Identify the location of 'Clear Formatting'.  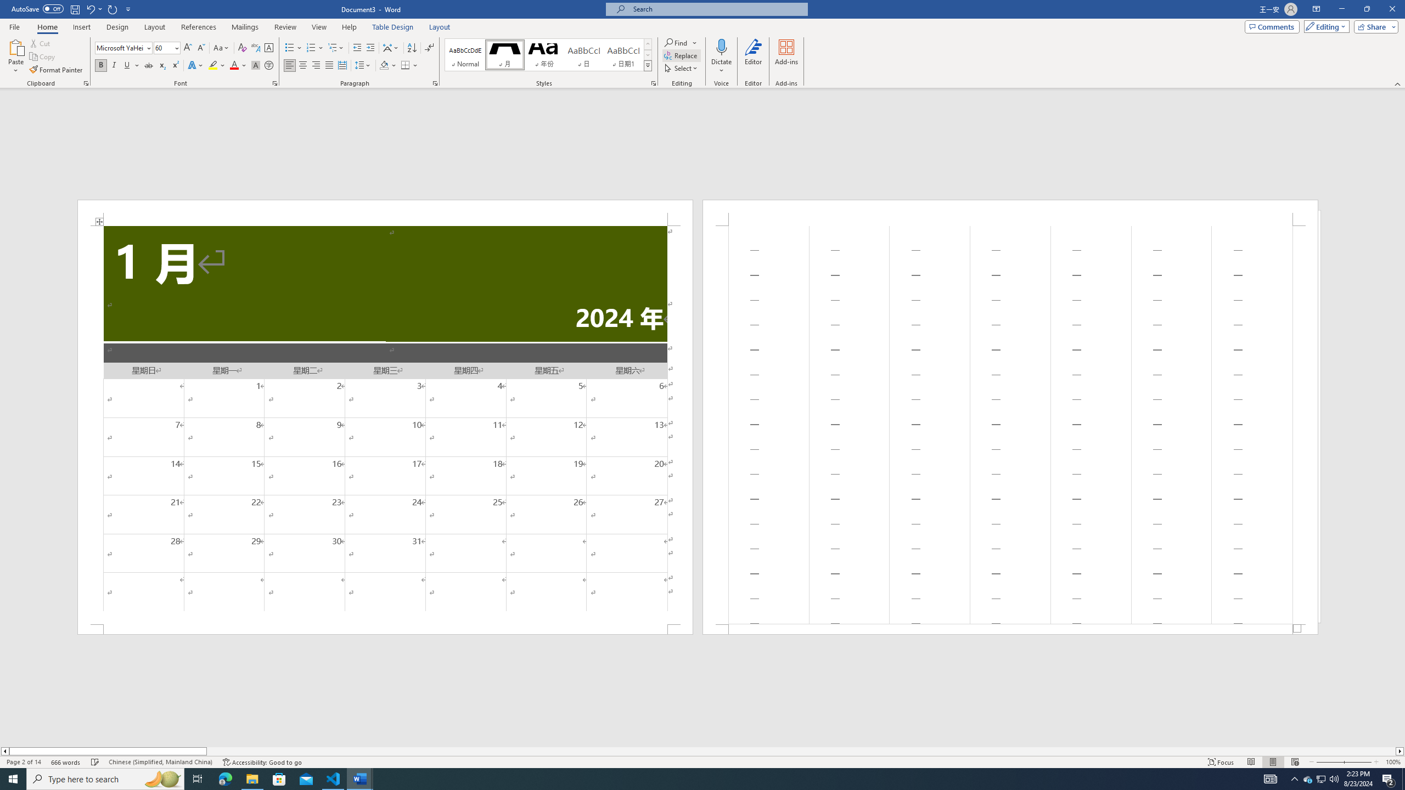
(241, 48).